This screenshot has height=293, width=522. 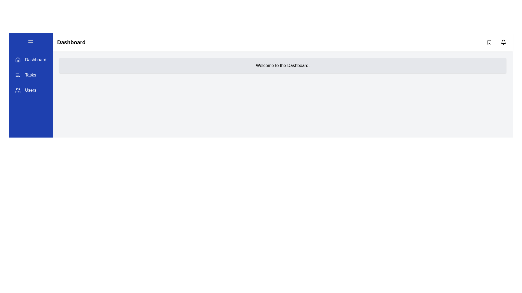 I want to click on the 'Dashboard' button located at the top of the vertical navigation menu on the left side, which has a blue background, a house icon, and white text, so click(x=30, y=60).